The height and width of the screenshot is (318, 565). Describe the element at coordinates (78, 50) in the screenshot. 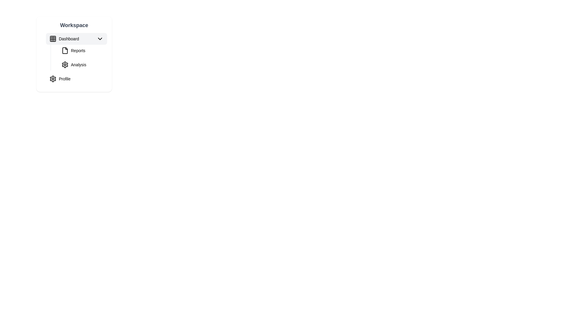

I see `the 'Reports' text label in the vertical navigation list under the 'Workspace' section` at that location.